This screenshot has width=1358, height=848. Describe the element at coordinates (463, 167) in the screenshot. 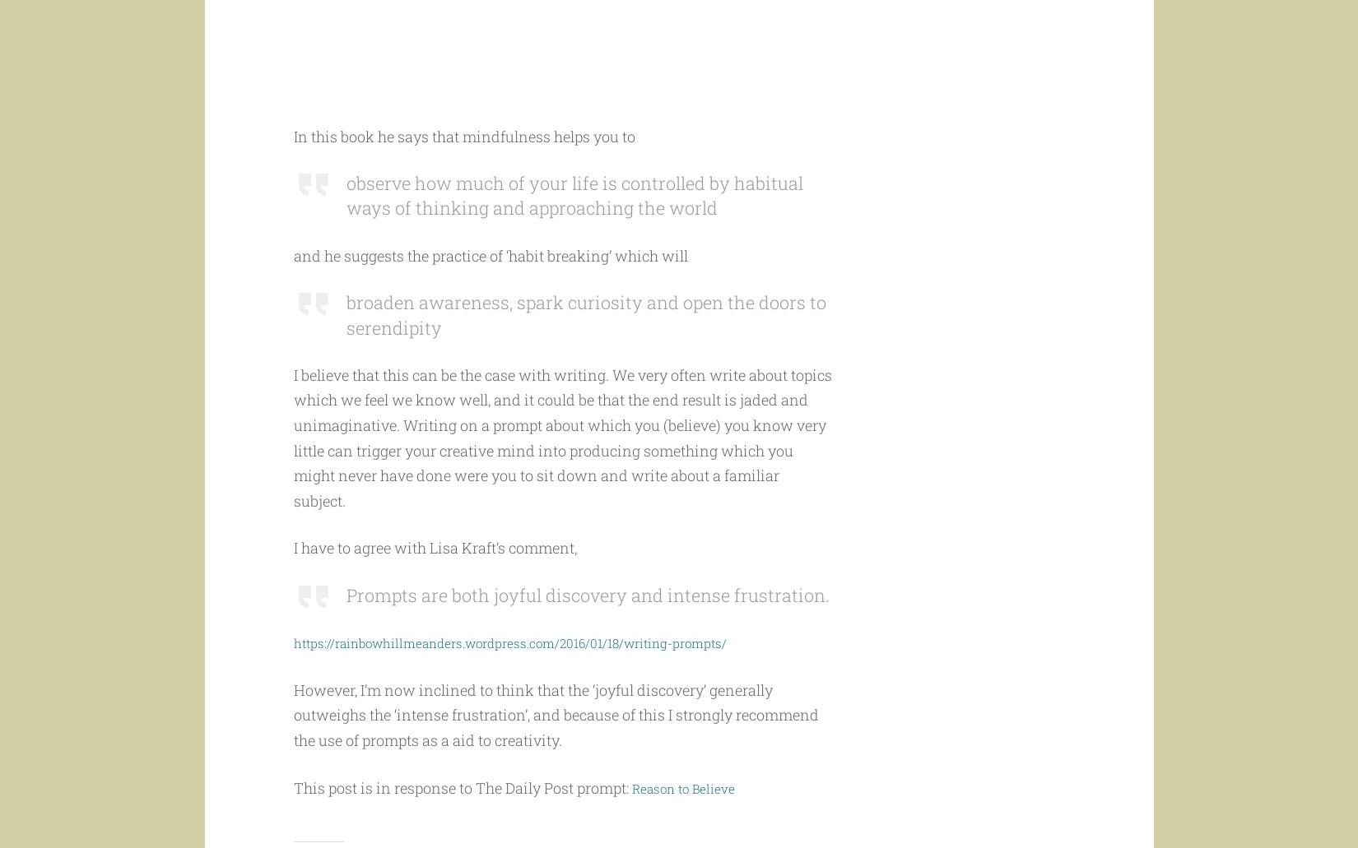

I see `'In this book he says that mindfulness helps you to'` at that location.